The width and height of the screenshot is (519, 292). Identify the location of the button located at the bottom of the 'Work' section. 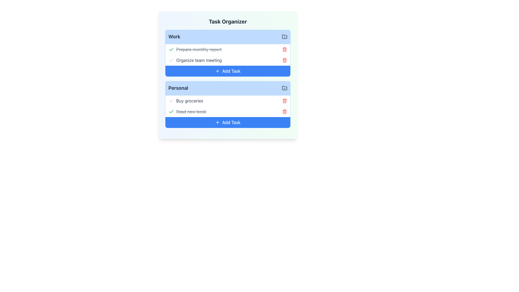
(228, 71).